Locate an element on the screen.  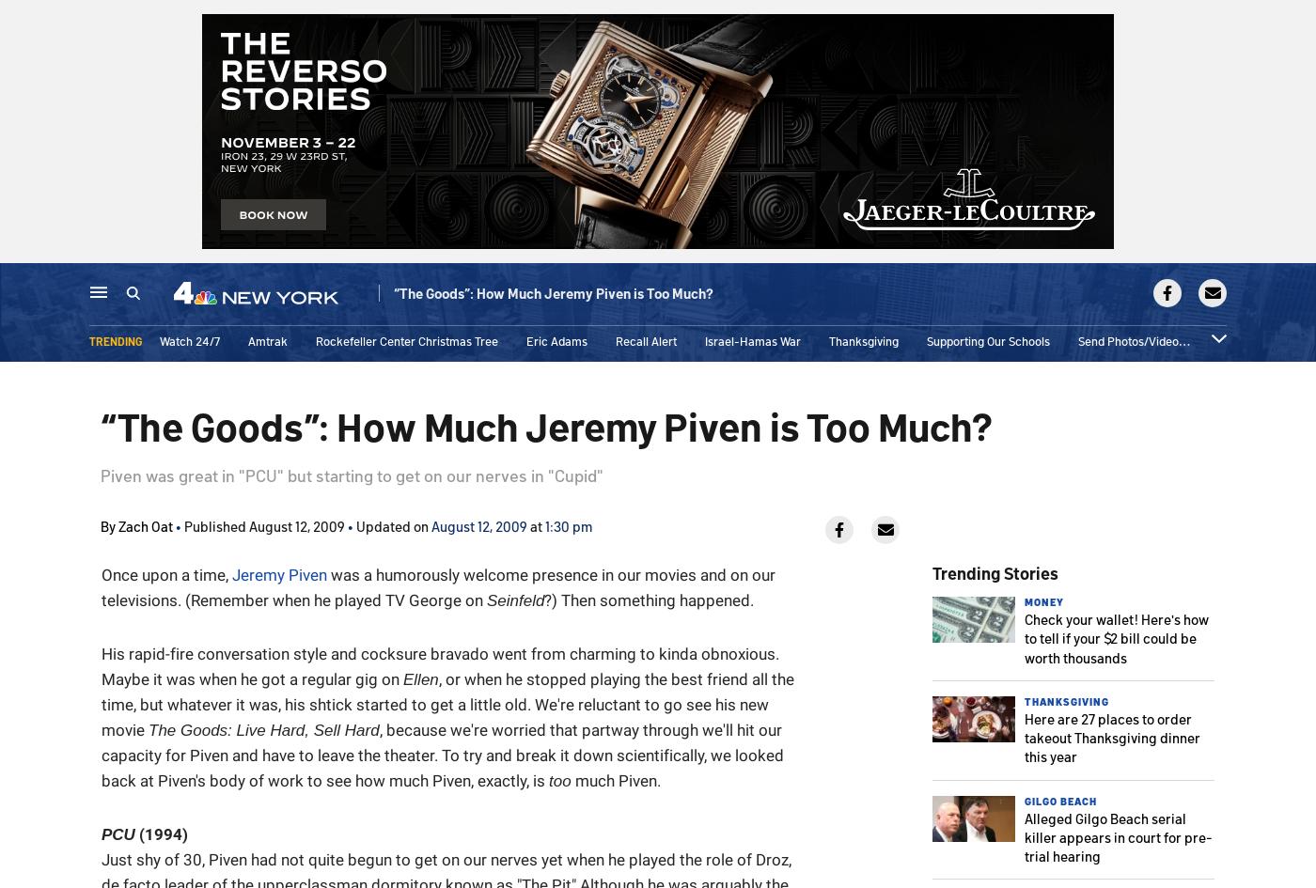
'PCU' is located at coordinates (117, 833).